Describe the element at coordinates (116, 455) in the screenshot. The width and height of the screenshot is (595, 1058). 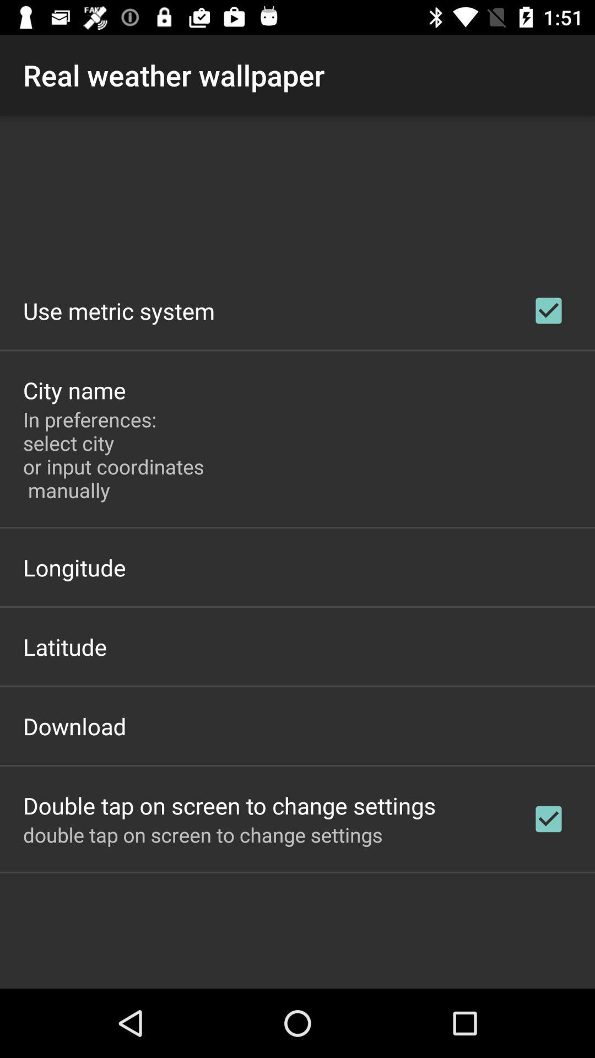
I see `in preferences select` at that location.